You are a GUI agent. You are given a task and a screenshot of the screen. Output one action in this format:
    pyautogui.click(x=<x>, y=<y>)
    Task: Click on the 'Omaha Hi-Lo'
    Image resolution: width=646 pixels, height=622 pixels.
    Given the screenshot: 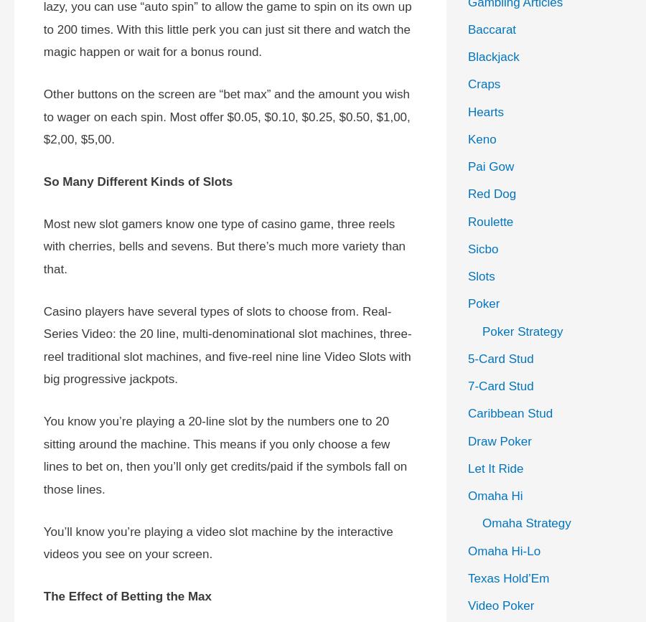 What is the action you would take?
    pyautogui.click(x=503, y=550)
    